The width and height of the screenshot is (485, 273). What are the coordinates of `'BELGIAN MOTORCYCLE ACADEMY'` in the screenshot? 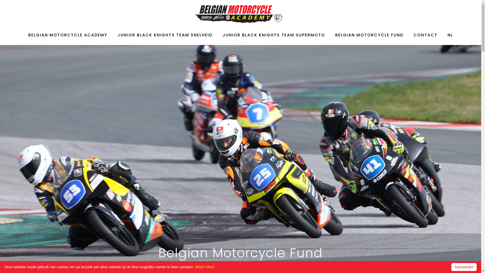 It's located at (67, 36).